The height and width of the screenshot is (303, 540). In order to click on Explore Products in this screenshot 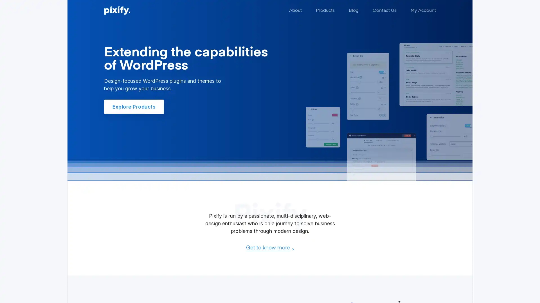, I will do `click(134, 107)`.